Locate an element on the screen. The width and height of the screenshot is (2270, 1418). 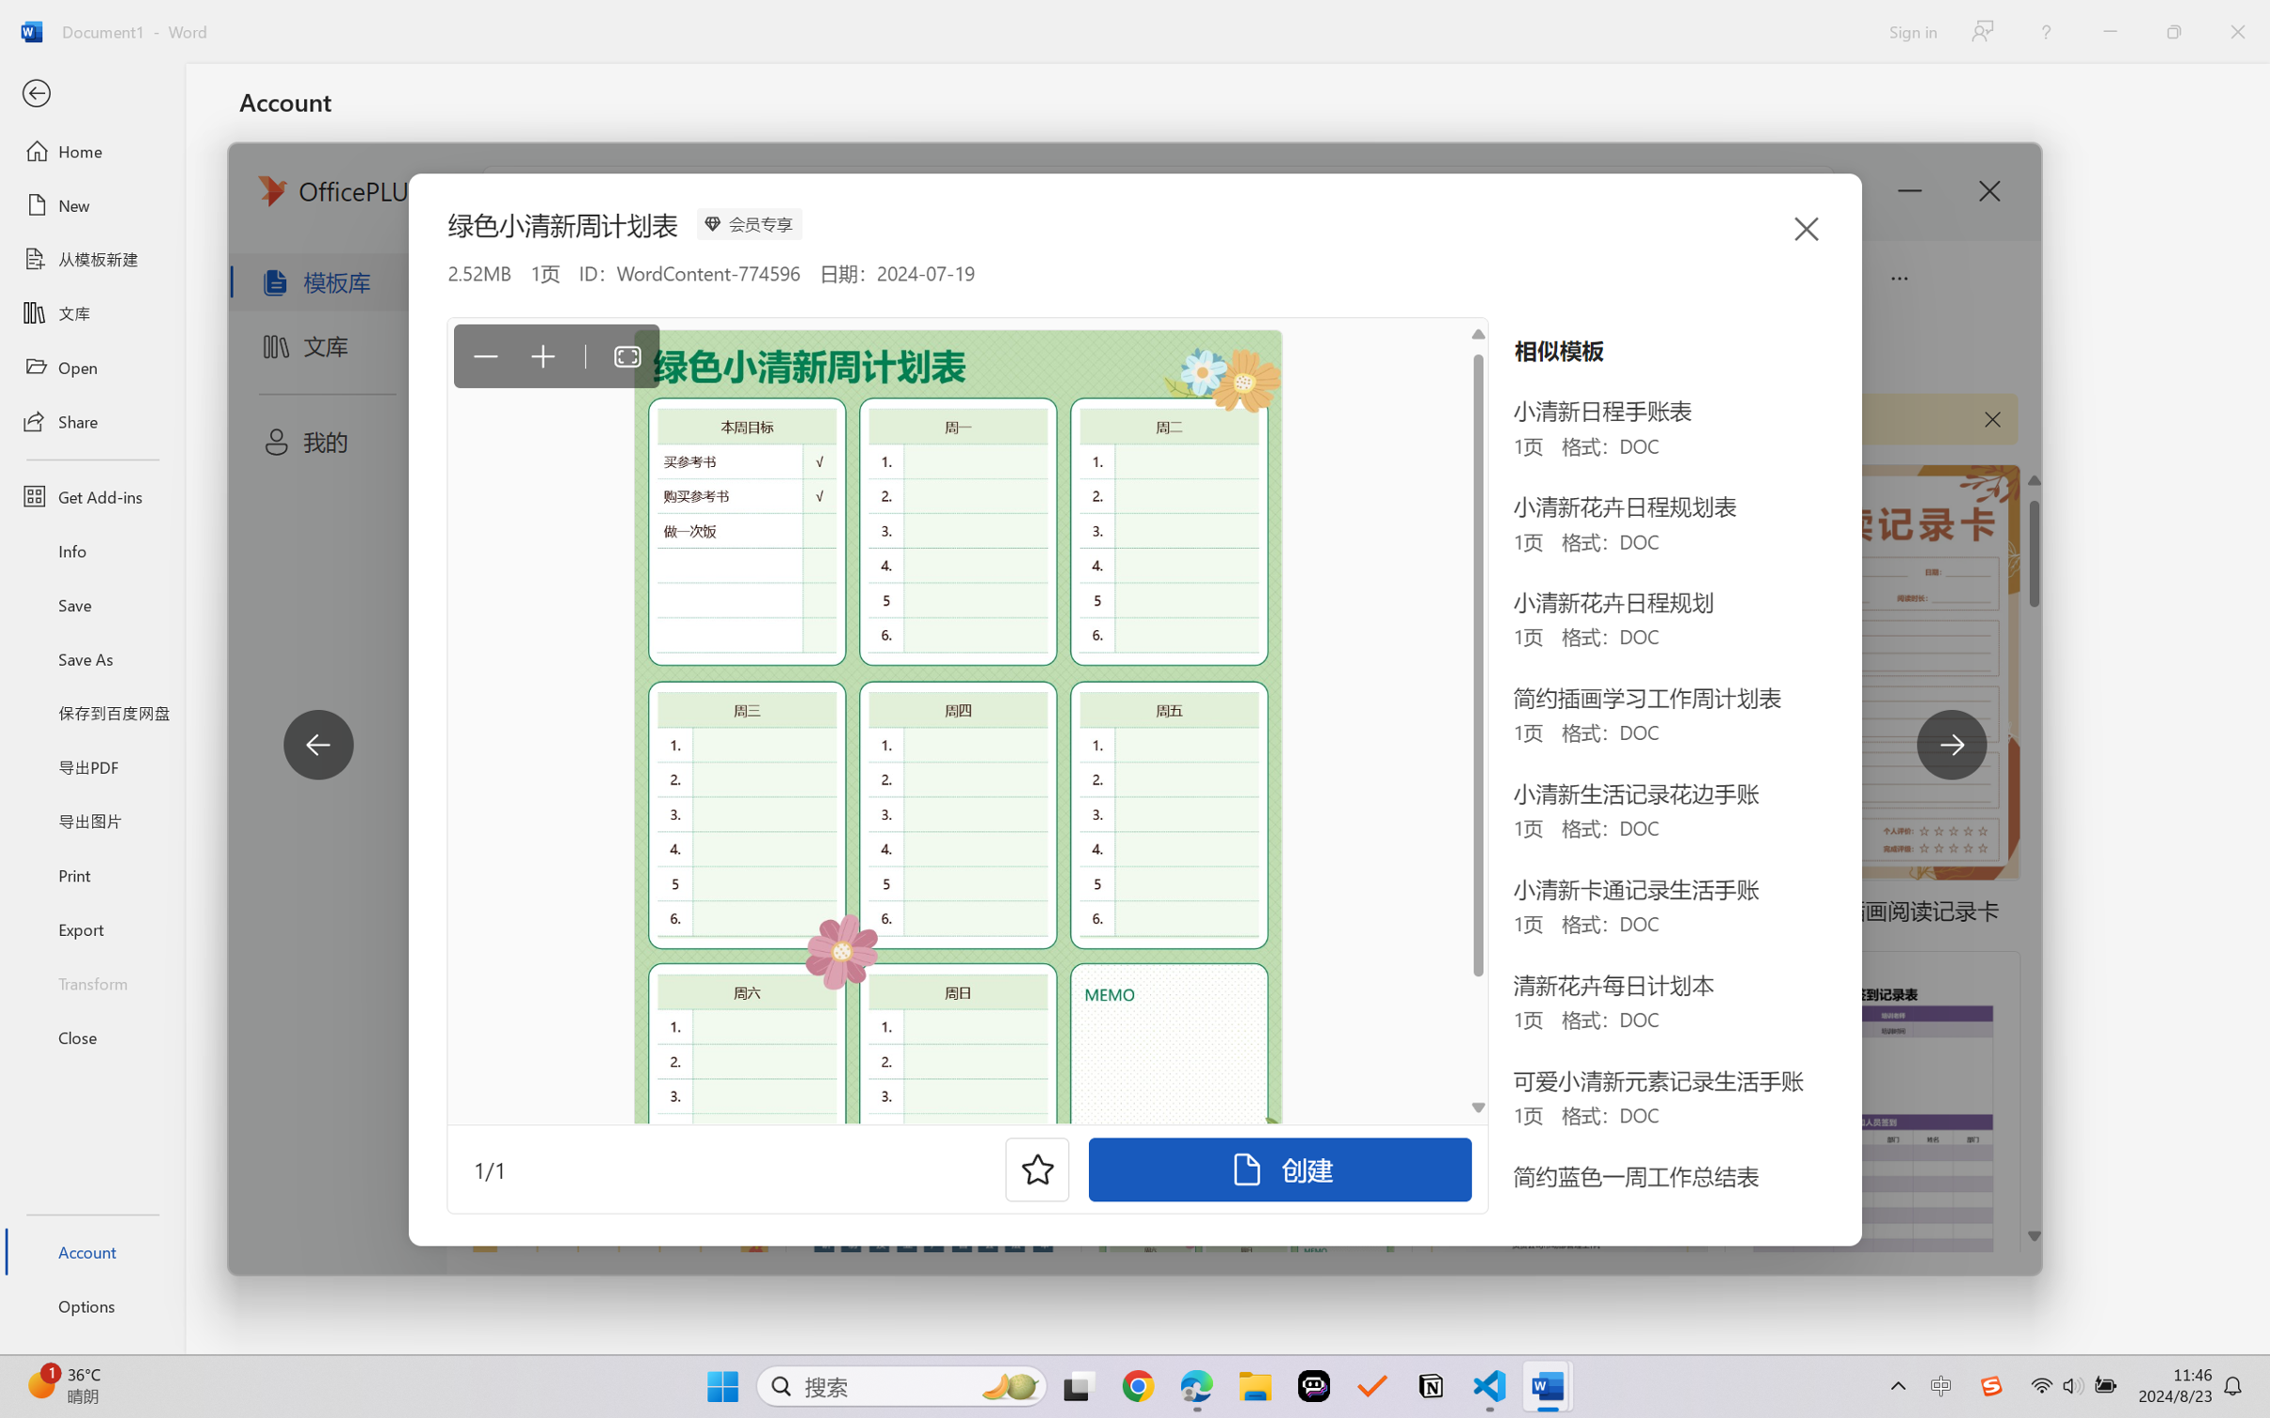
'Sign in' is located at coordinates (1911, 31).